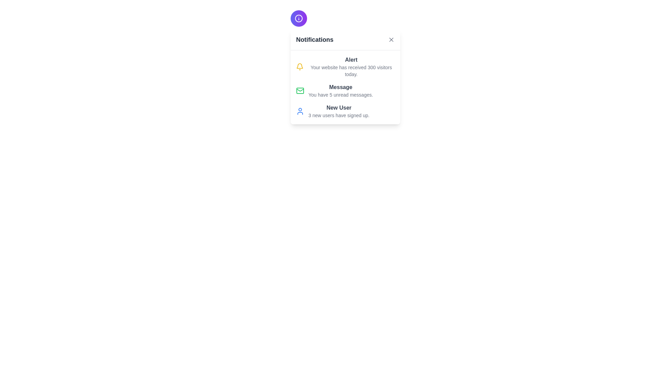 Image resolution: width=658 pixels, height=370 pixels. Describe the element at coordinates (339, 115) in the screenshot. I see `the static text label that informs the user about new sign-ups, located beneath the heading 'New User' in the notification dropdown` at that location.